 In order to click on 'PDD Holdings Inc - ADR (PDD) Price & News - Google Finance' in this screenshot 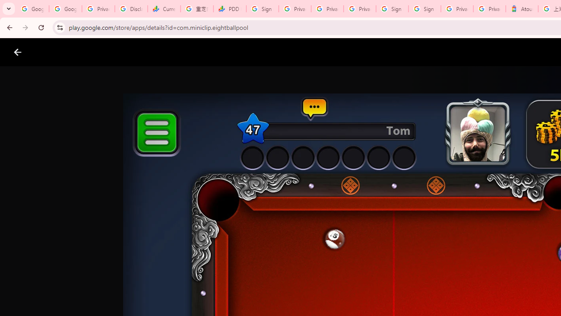, I will do `click(230, 9)`.